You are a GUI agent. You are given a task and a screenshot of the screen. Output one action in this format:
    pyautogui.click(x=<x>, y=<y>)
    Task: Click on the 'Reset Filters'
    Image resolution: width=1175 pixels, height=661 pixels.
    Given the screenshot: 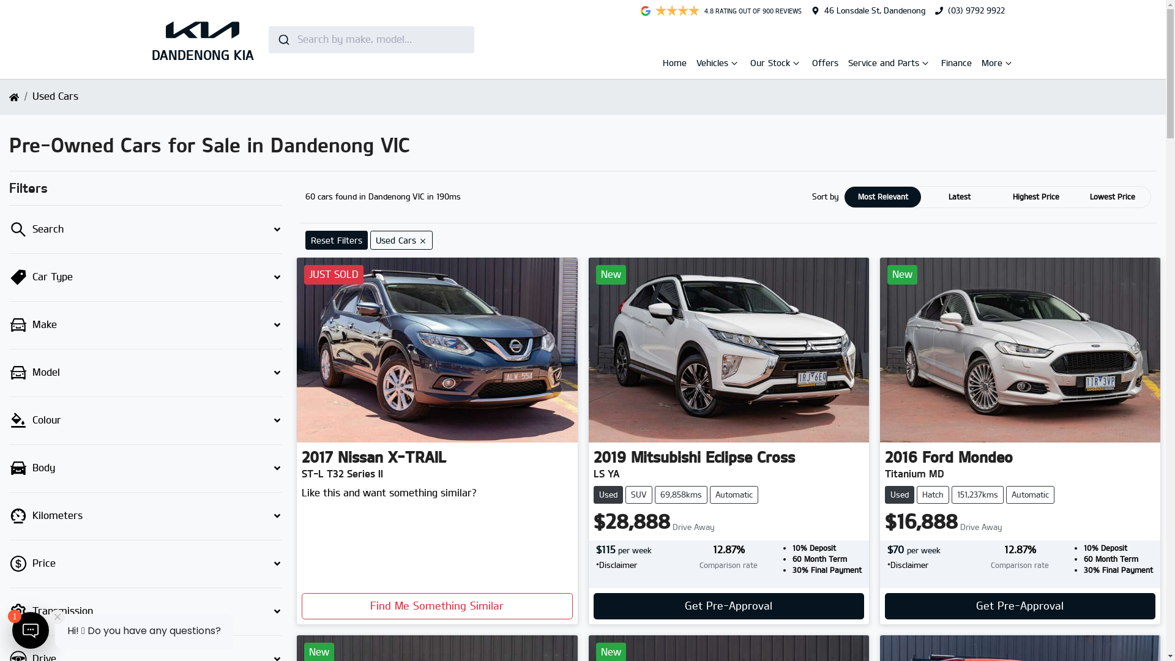 What is the action you would take?
    pyautogui.click(x=337, y=240)
    